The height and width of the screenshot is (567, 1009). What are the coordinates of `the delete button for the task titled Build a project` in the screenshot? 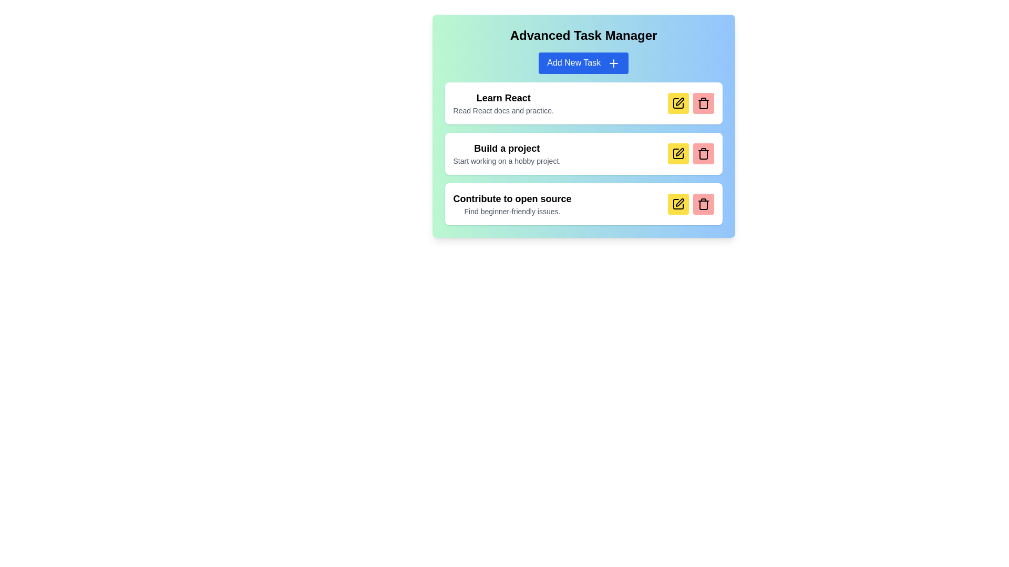 It's located at (703, 153).